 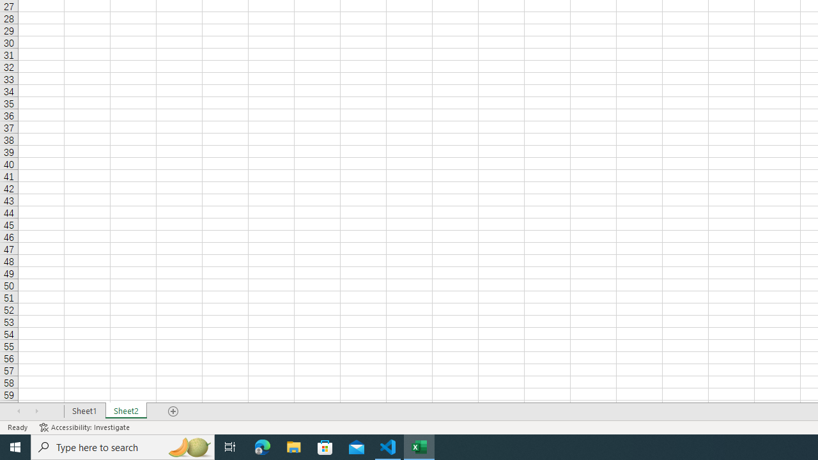 I want to click on 'Microsoft Edge', so click(x=262, y=446).